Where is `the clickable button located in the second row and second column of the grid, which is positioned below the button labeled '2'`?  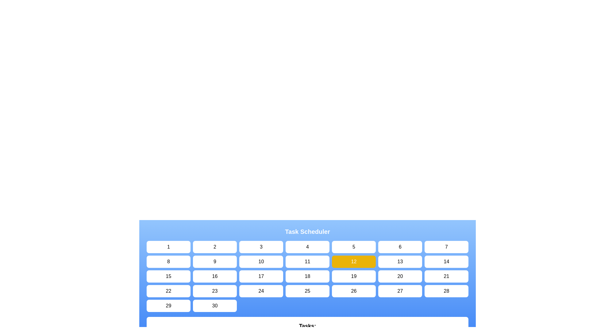
the clickable button located in the second row and second column of the grid, which is positioned below the button labeled '2' is located at coordinates (215, 261).